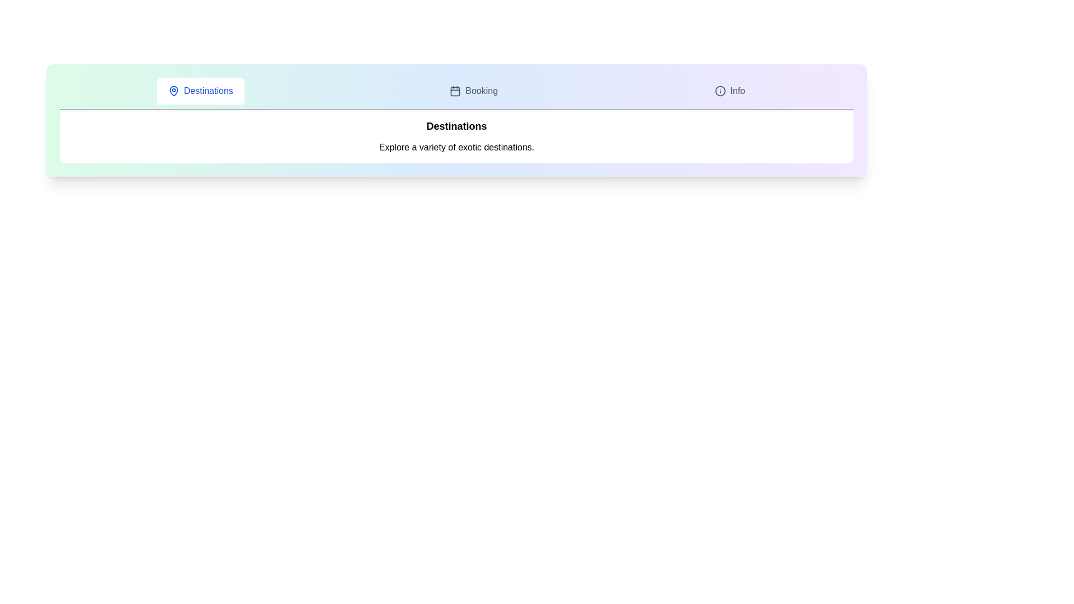 The image size is (1074, 604). What do you see at coordinates (474, 90) in the screenshot?
I see `the tab labeled 'Booking' to switch to it` at bounding box center [474, 90].